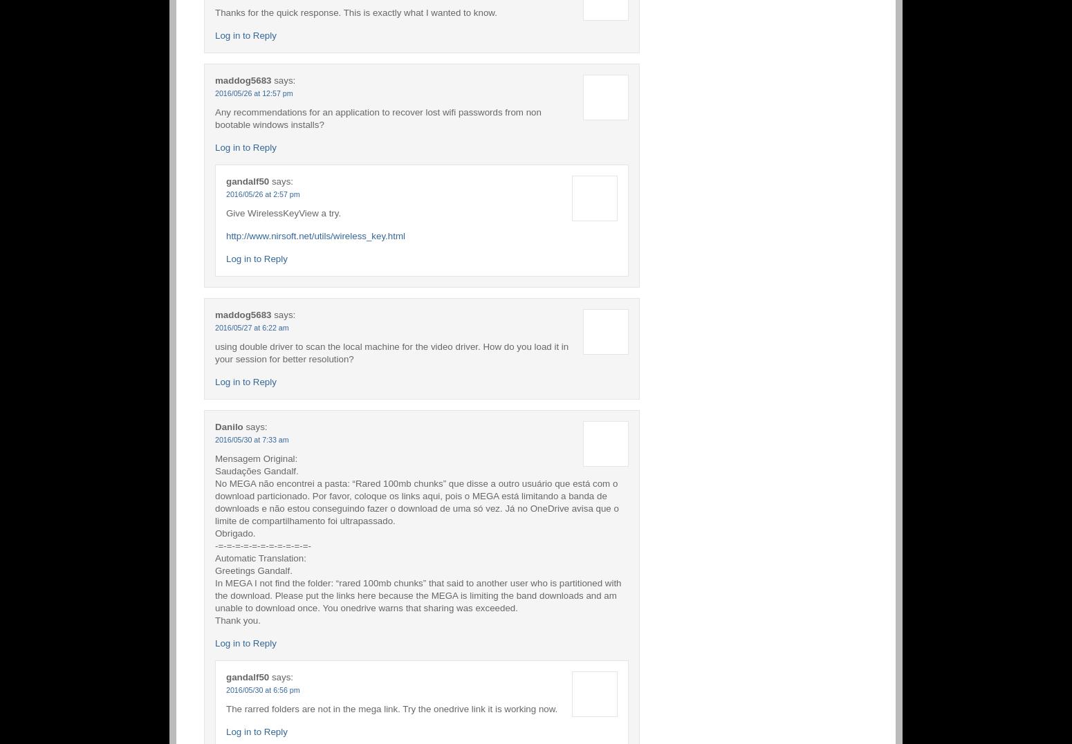  Describe the element at coordinates (355, 11) in the screenshot. I see `'Thanks for the quick response. This is exactly what I wanted to know.'` at that location.